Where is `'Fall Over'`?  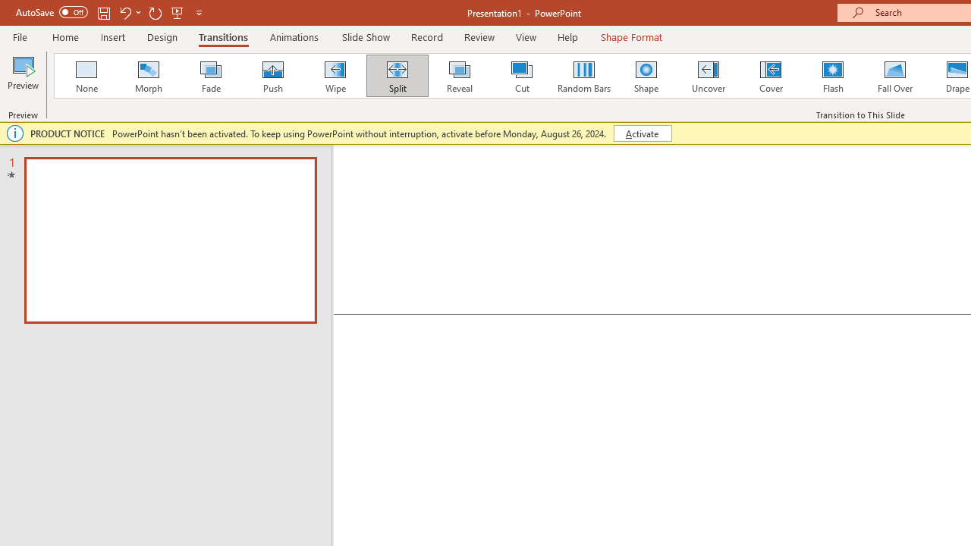 'Fall Over' is located at coordinates (895, 76).